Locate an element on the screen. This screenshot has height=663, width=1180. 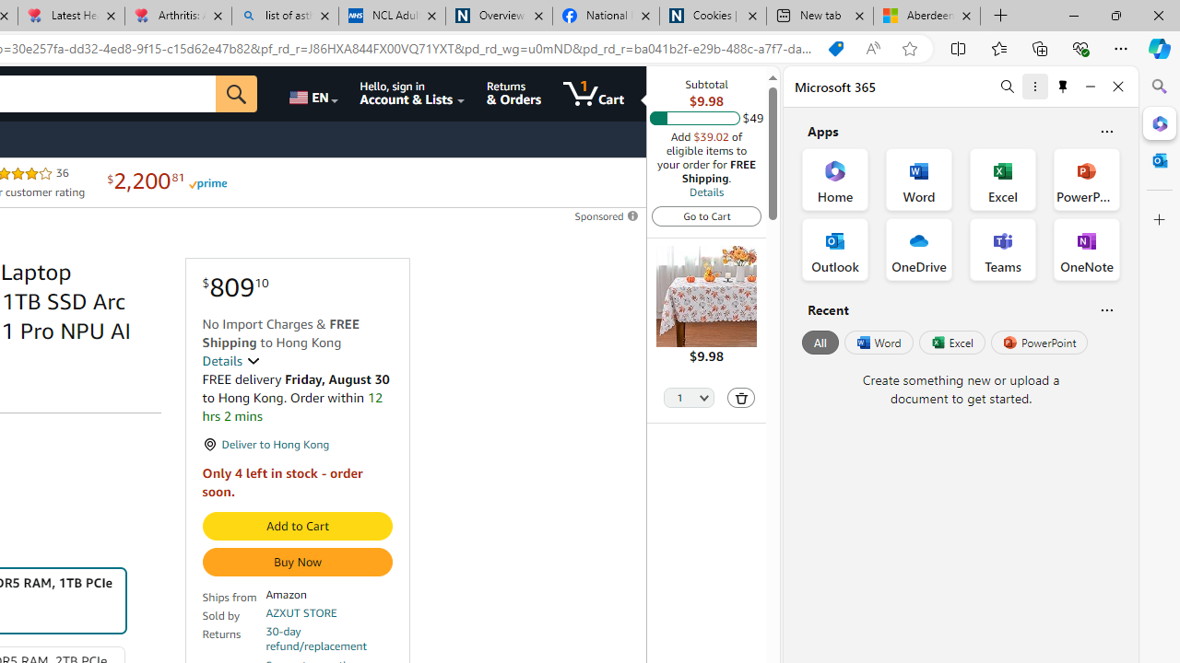
'PowerPoint Office App' is located at coordinates (1086, 180).